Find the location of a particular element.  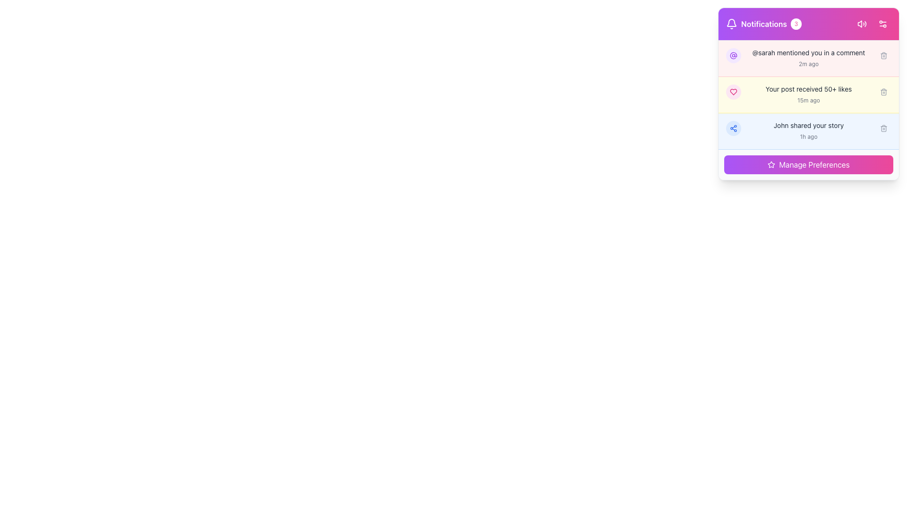

the mute notifications icon button located at the top-right of the notification panel is located at coordinates (862, 23).